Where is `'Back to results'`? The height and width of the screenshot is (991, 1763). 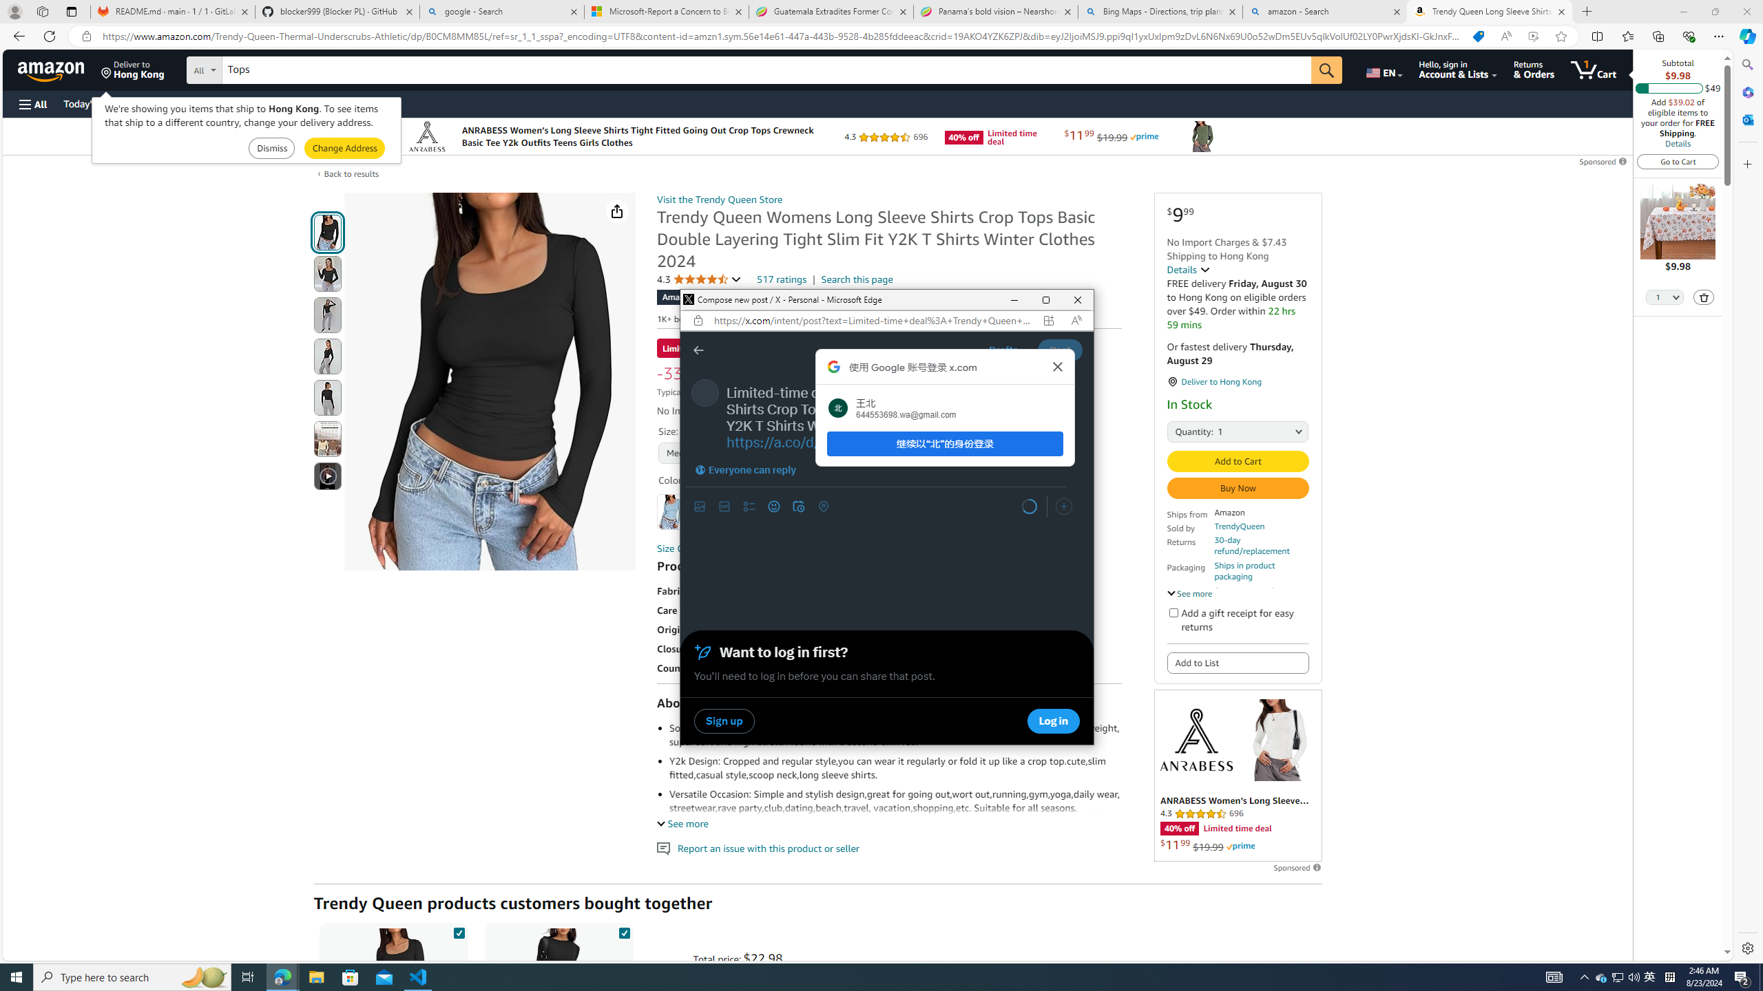 'Back to results' is located at coordinates (351, 173).